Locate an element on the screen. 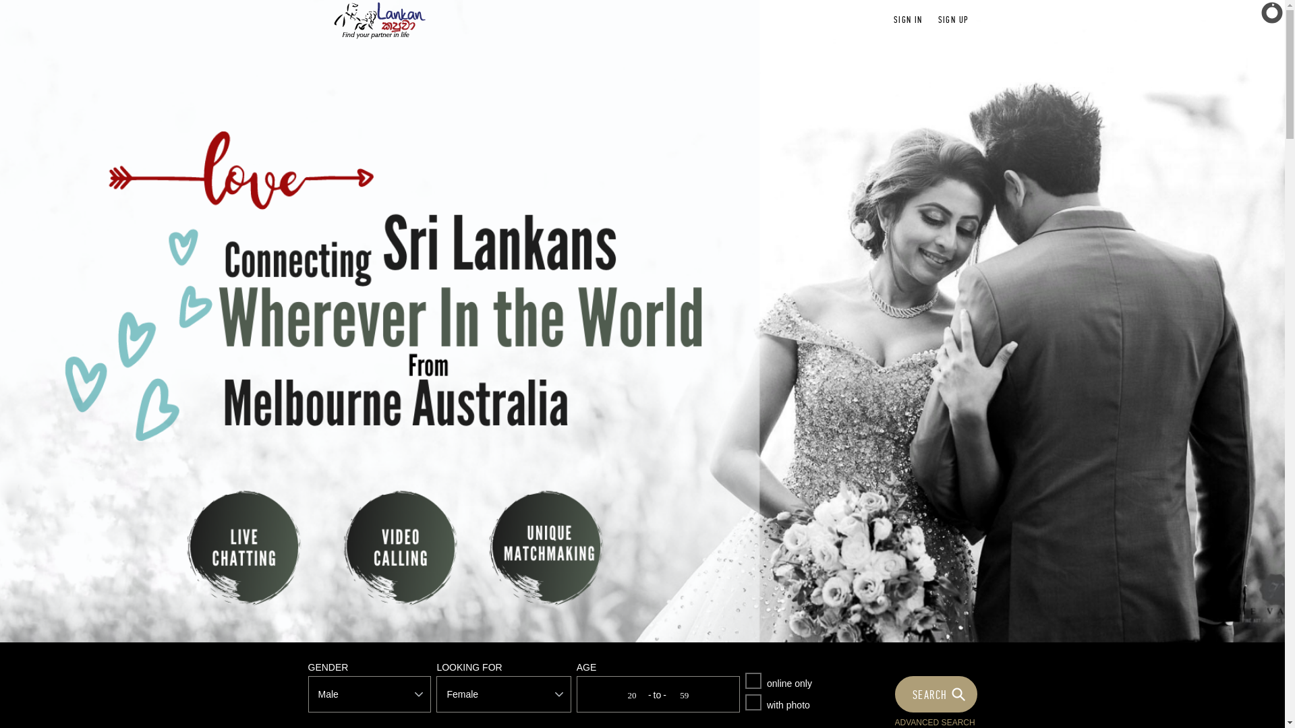 The width and height of the screenshot is (1295, 728). 'SIGN UP' is located at coordinates (938, 20).